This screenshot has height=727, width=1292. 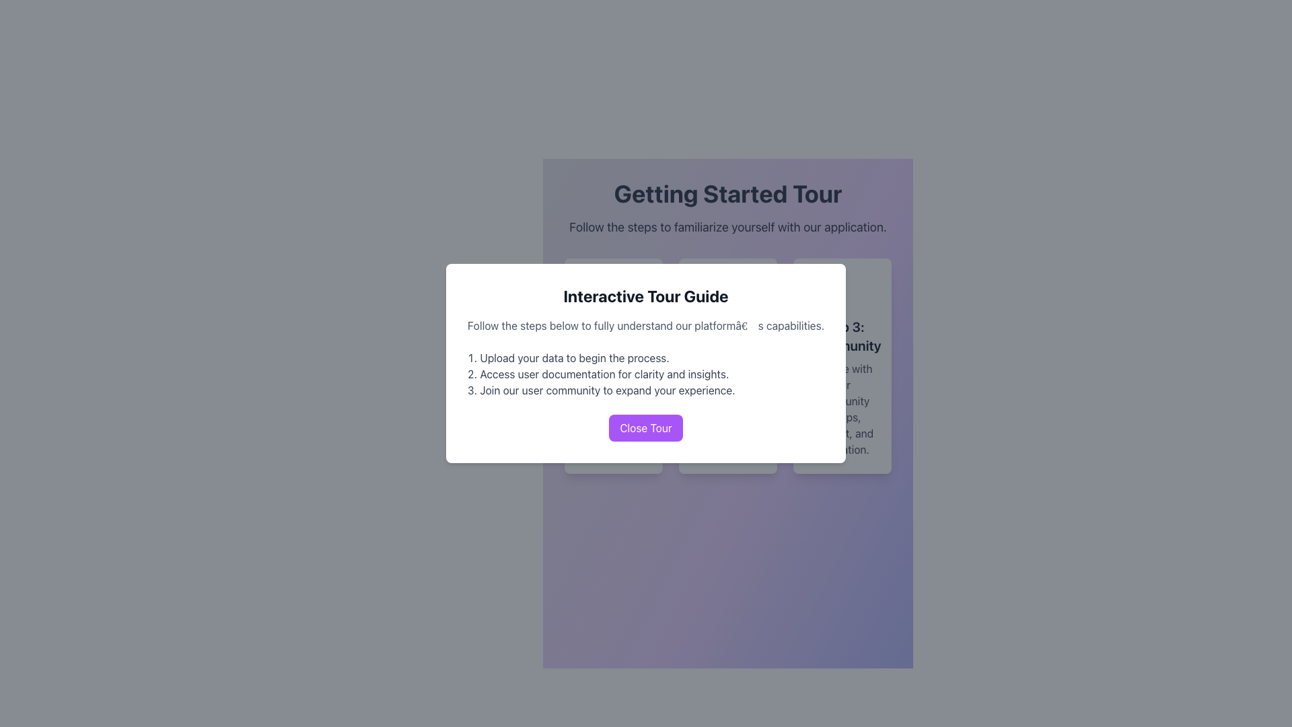 I want to click on the text heading that reads 'Step 3: Community', which is styled in bold, dark gray font, located in the top-right section of the modal dialog, so click(x=842, y=336).